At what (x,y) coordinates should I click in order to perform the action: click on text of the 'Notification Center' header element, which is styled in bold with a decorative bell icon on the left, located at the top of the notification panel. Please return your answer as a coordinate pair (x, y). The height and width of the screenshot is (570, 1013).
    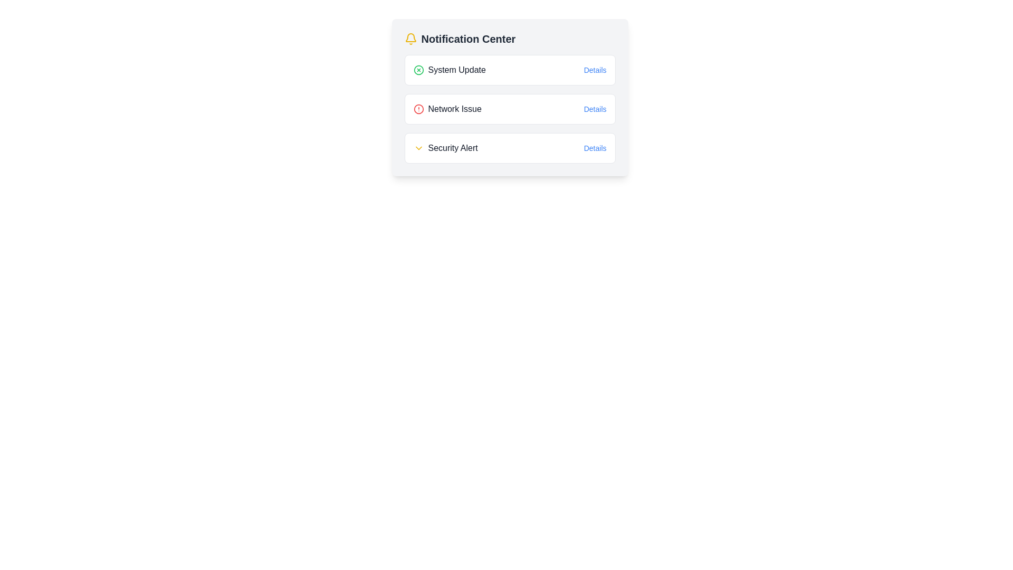
    Looking at the image, I should click on (510, 38).